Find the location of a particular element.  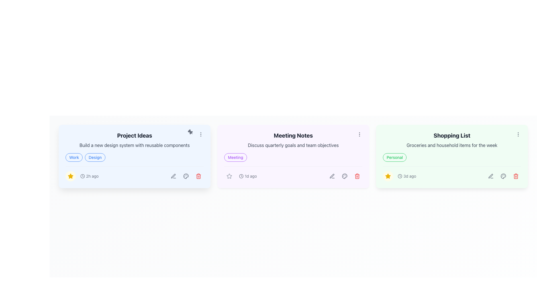

the pin-shaped icon button in gray color located in the upper-right corner of the 'Project Ideas' card is located at coordinates (190, 132).